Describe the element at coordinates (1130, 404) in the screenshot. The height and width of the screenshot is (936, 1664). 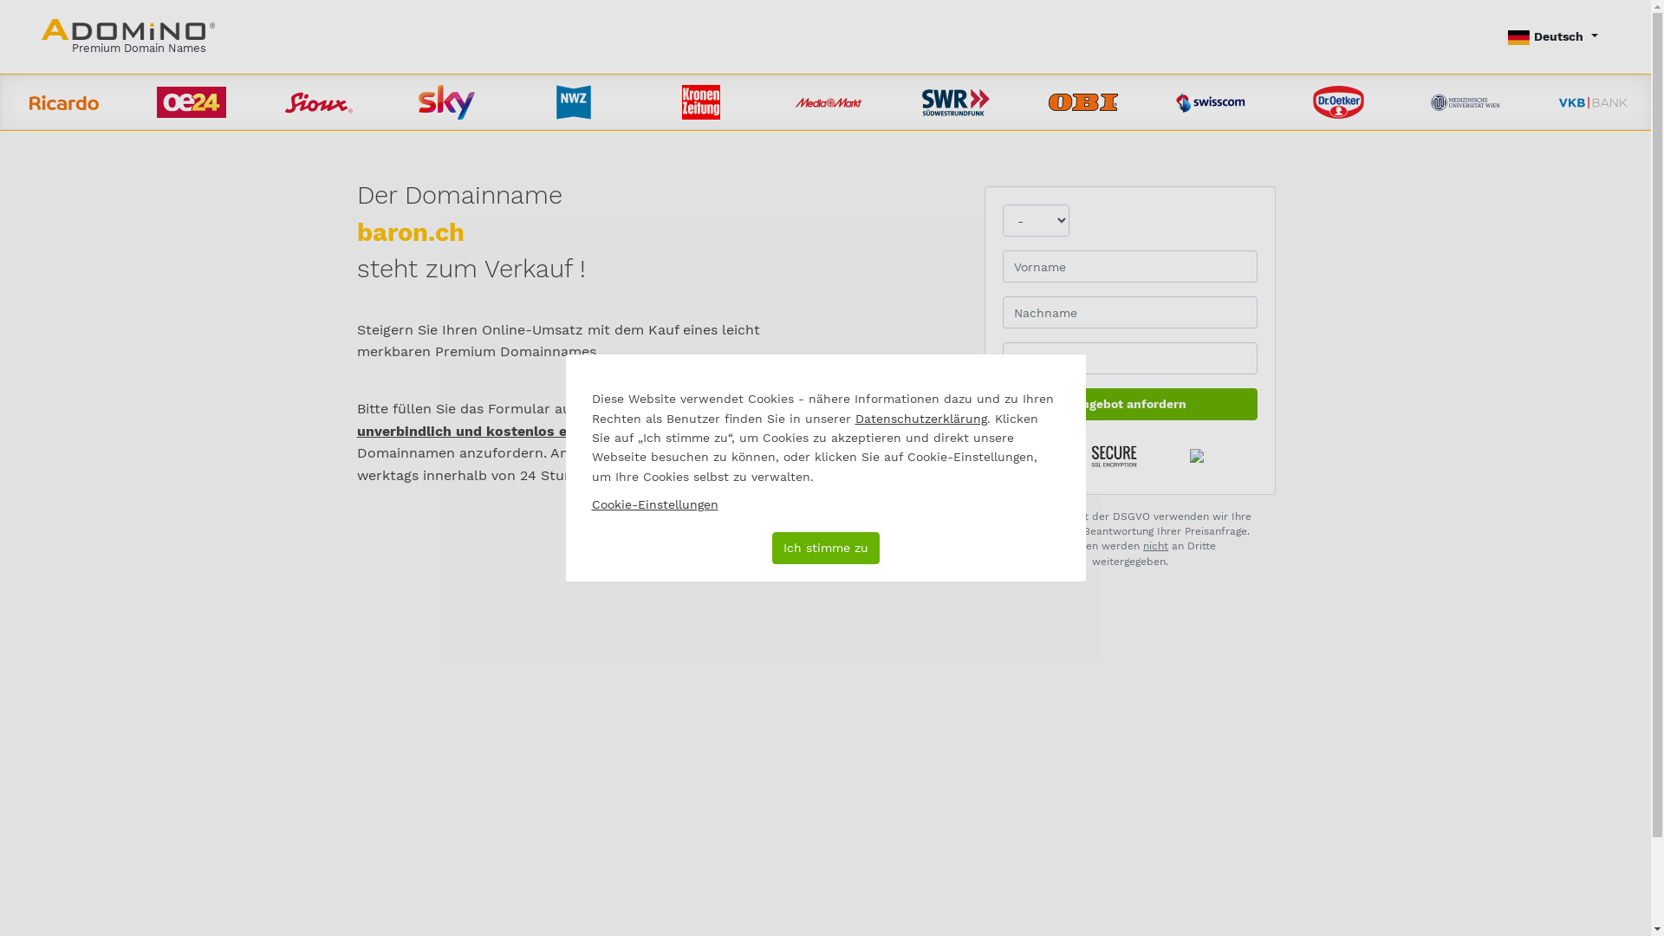
I see `'Angebot anfordern'` at that location.